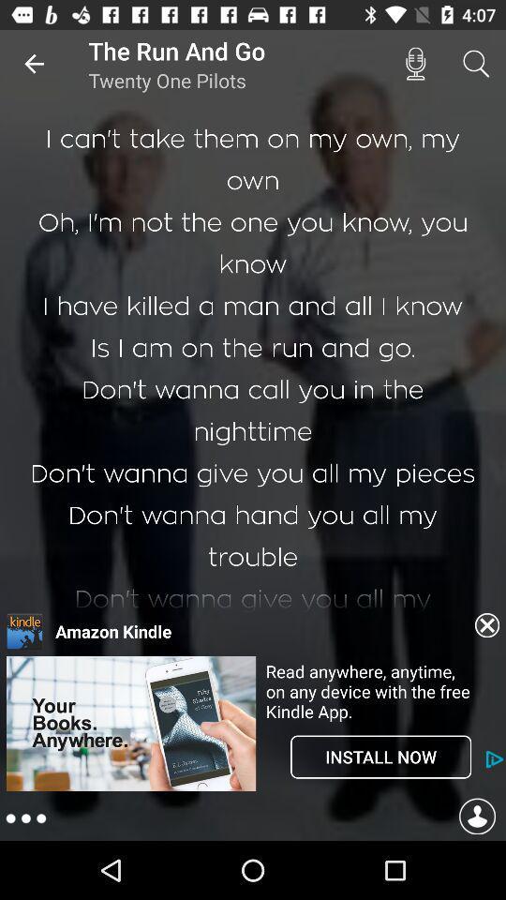 The width and height of the screenshot is (506, 900). I want to click on open menu, so click(24, 817).